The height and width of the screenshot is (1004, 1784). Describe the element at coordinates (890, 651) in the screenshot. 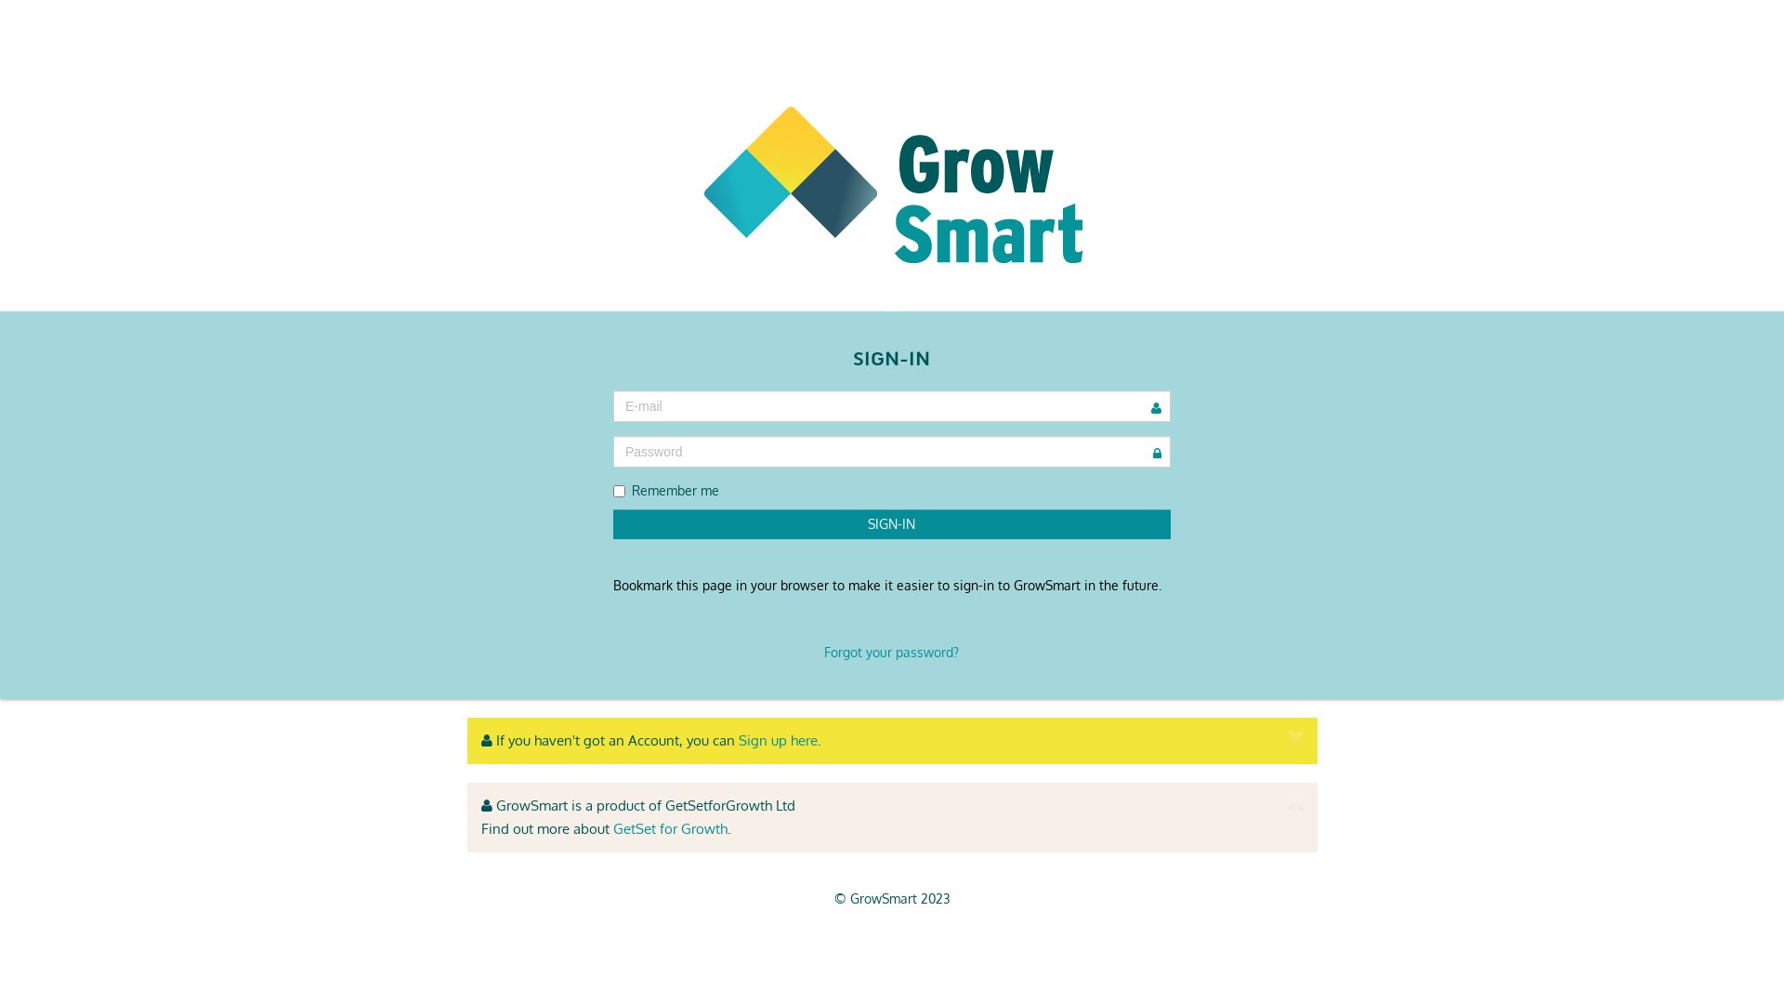

I see `'Forgot your password?'` at that location.